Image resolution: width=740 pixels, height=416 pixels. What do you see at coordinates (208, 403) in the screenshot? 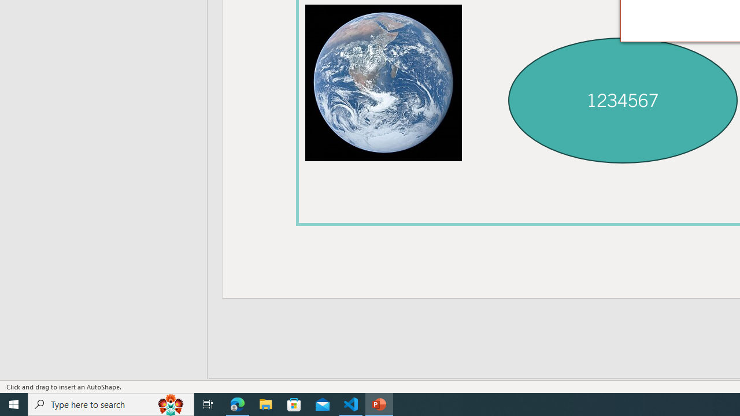
I see `'Task View'` at bounding box center [208, 403].